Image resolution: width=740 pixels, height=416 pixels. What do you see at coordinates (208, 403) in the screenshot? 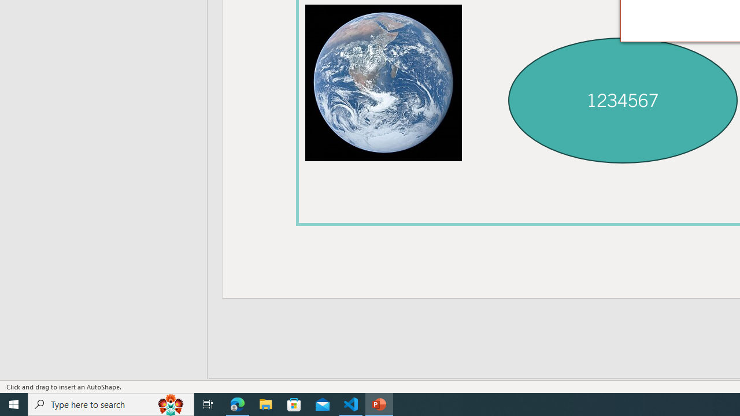
I see `'Task View'` at bounding box center [208, 403].